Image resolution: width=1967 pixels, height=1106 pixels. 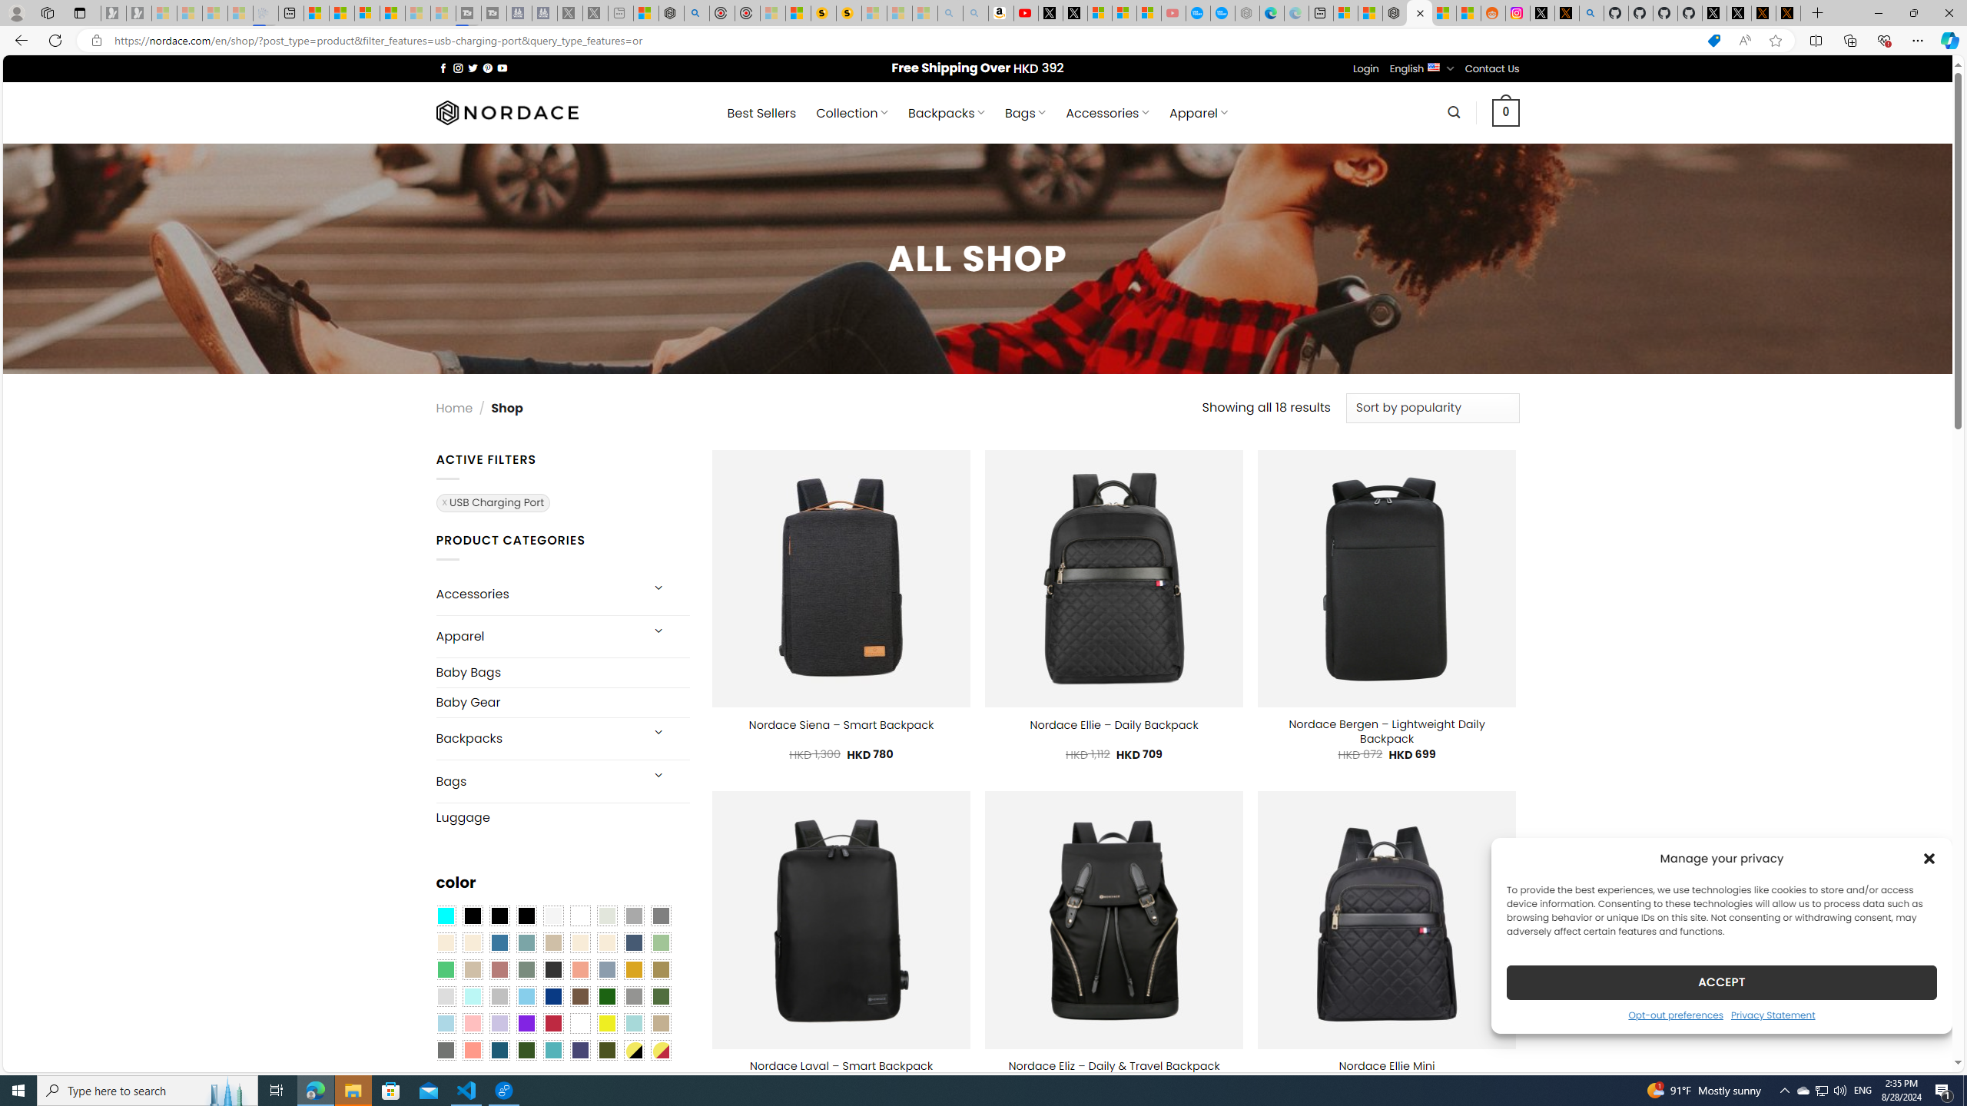 I want to click on 'Peach Pink', so click(x=471, y=1050).